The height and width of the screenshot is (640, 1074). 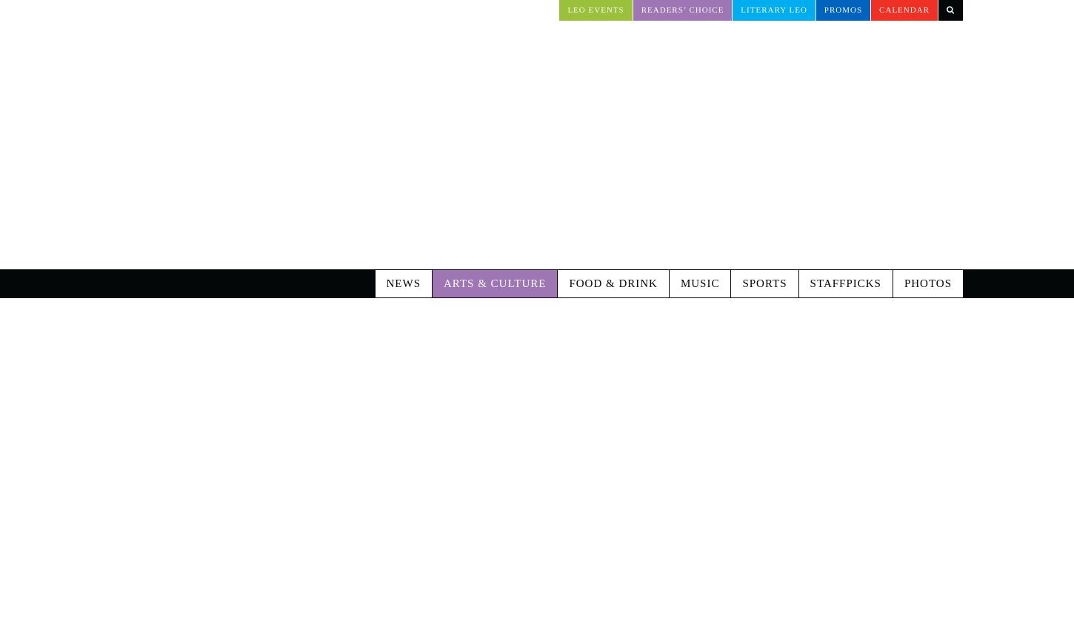 I want to click on 'Food & Drink', so click(x=613, y=221).